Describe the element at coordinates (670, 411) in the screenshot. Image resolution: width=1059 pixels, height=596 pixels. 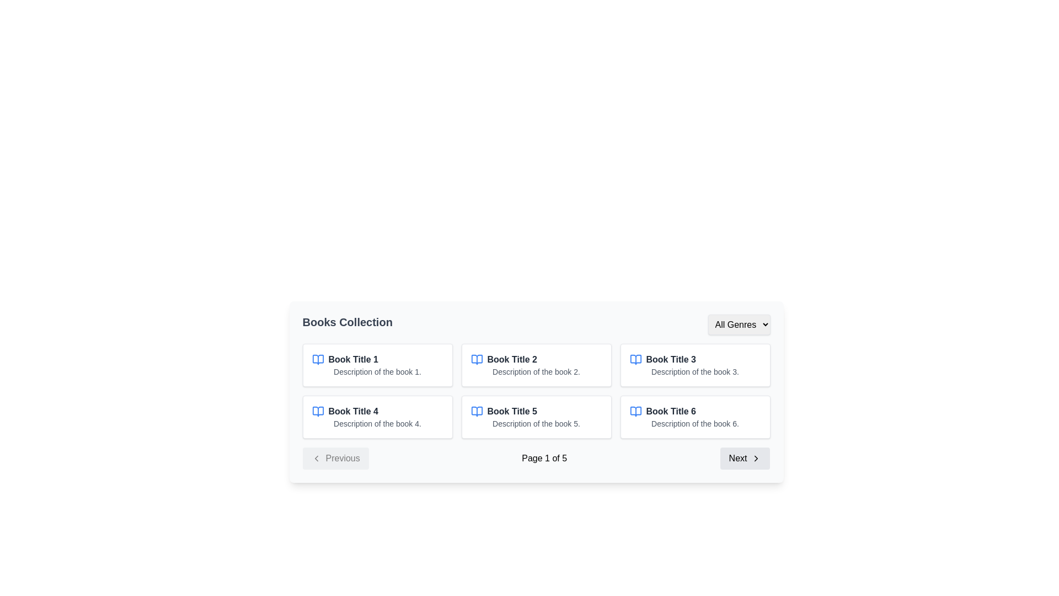
I see `the static text displaying 'Book Title 6', which is aligned to the right of a blue book icon and located in the bottom-right cell of the grid layout` at that location.